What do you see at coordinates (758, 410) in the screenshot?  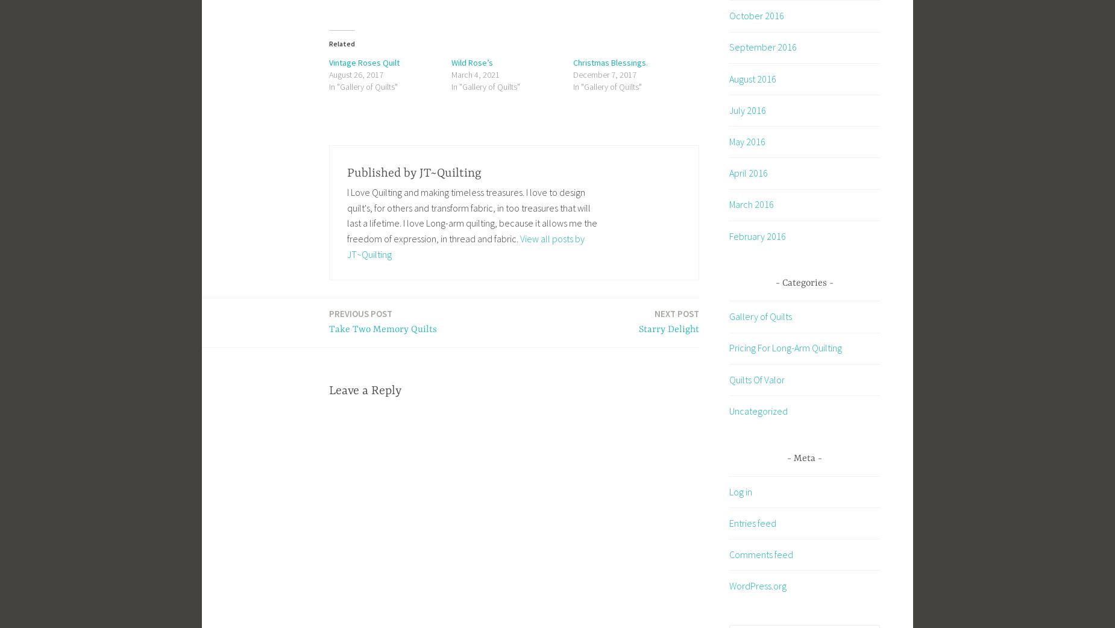 I see `'Uncategorized'` at bounding box center [758, 410].